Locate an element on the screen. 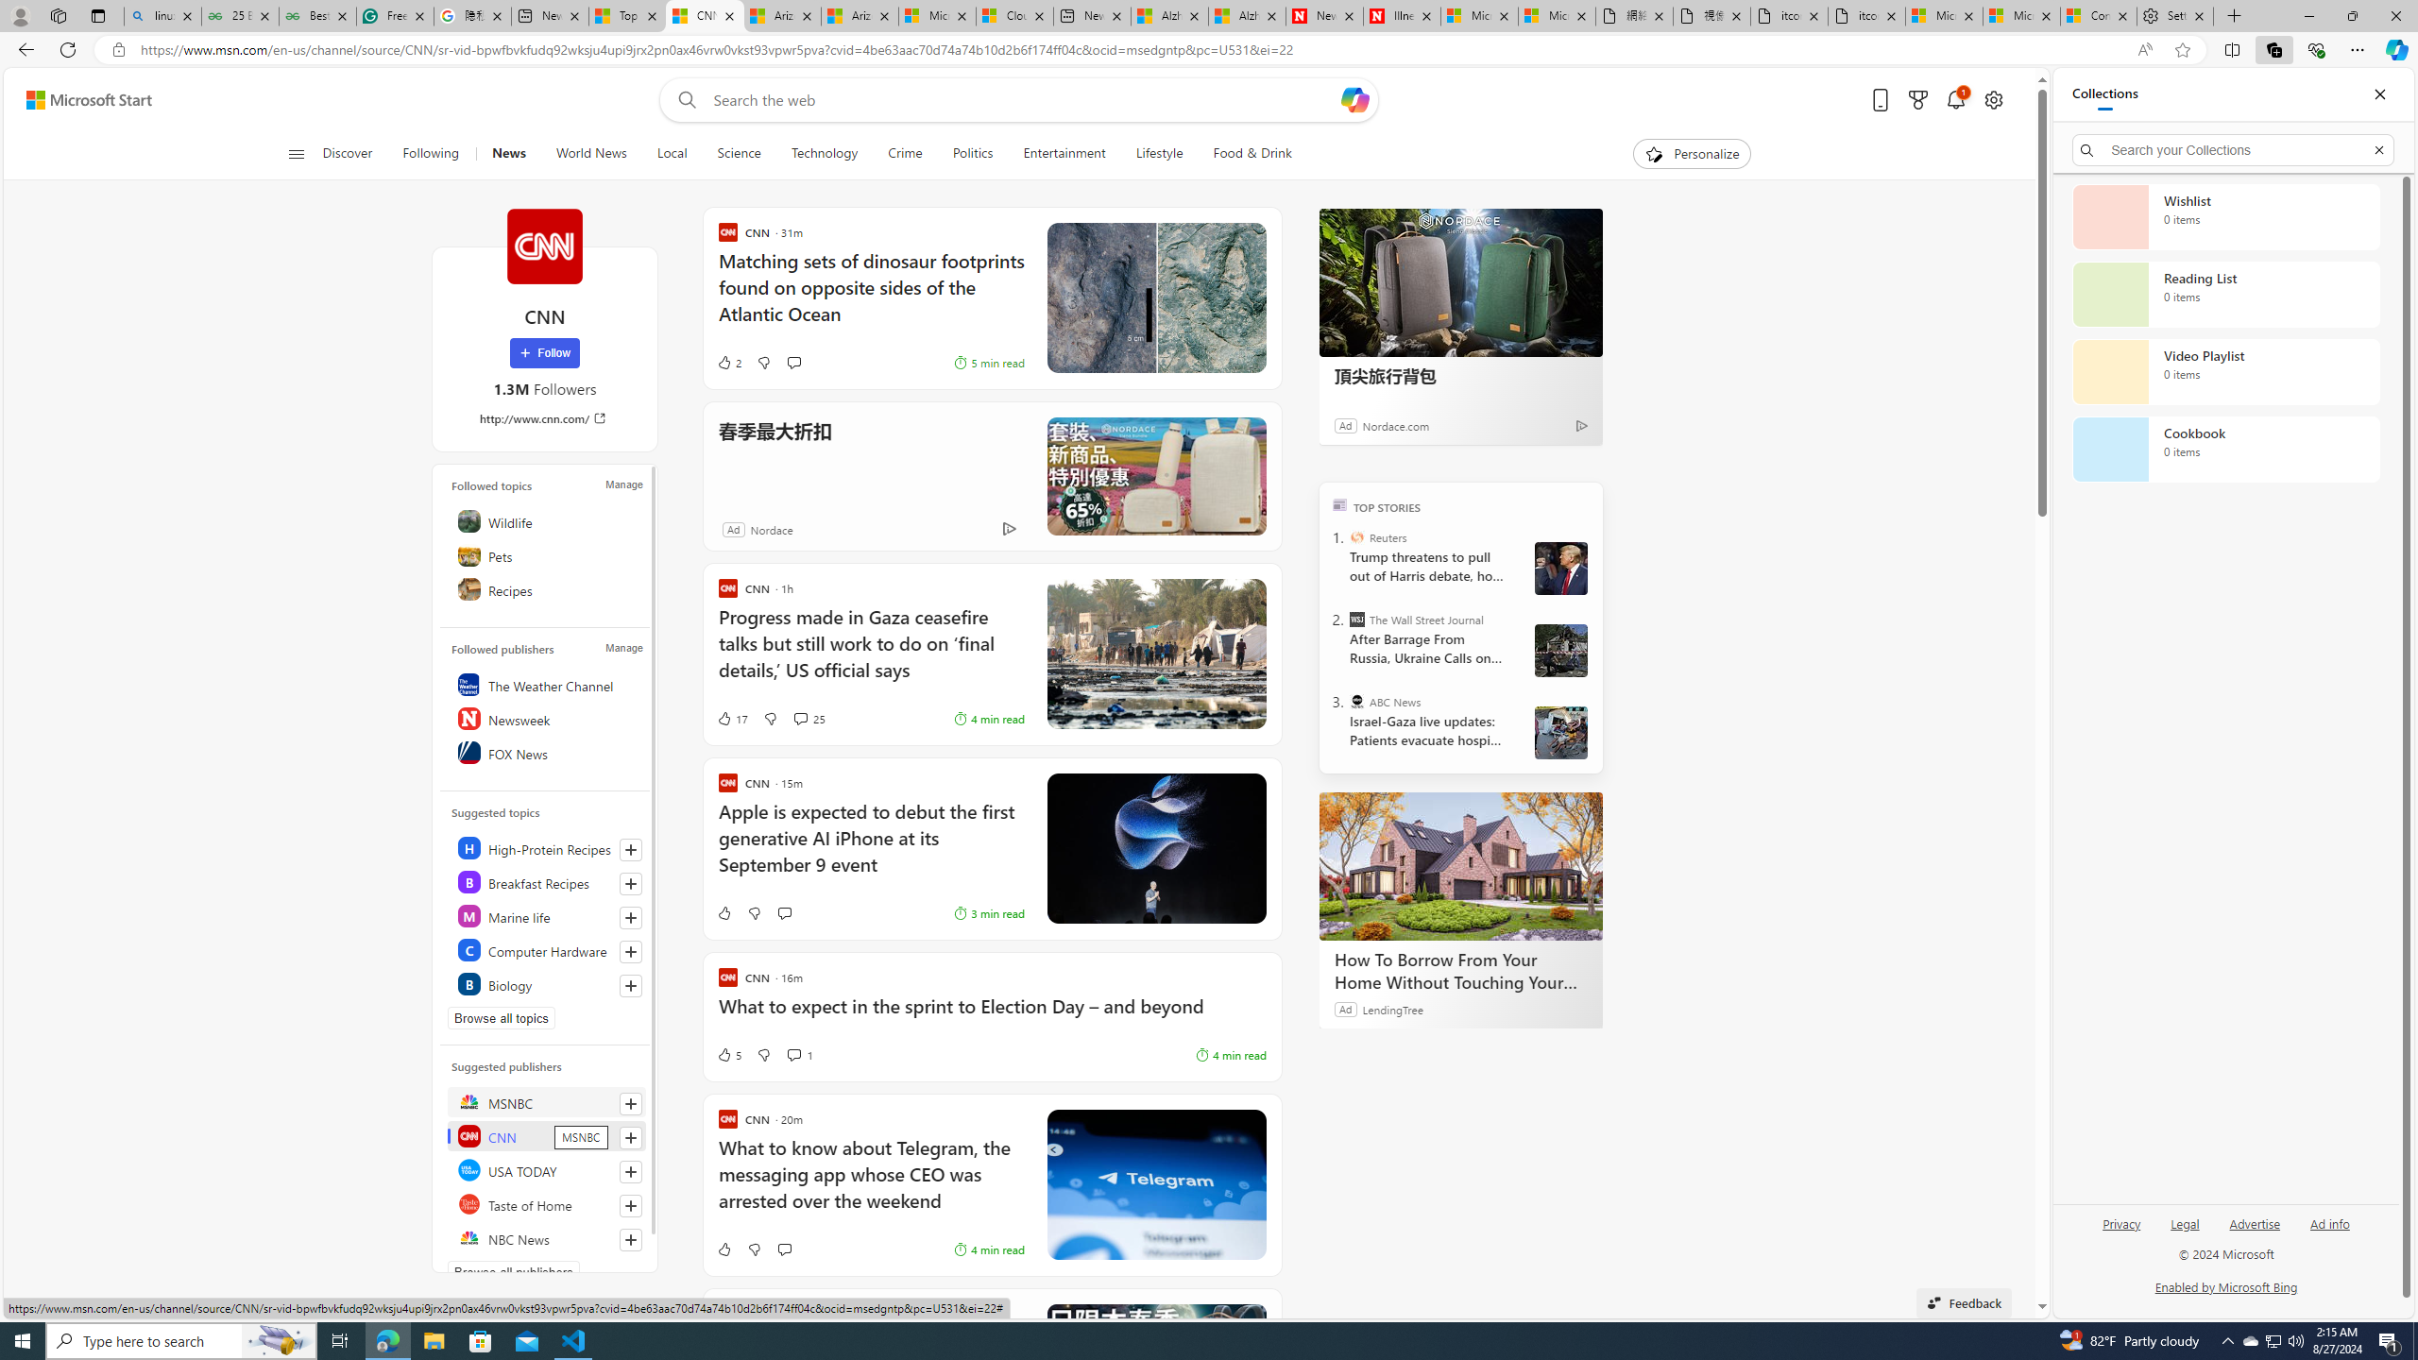 This screenshot has width=2418, height=1360. 'Wishlist collection, 0 items' is located at coordinates (2225, 216).